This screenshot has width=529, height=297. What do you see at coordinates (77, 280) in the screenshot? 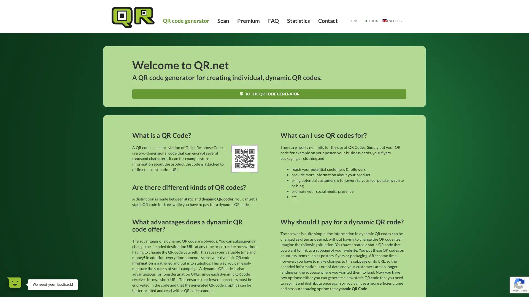
I see `Dismiss Message` at bounding box center [77, 280].